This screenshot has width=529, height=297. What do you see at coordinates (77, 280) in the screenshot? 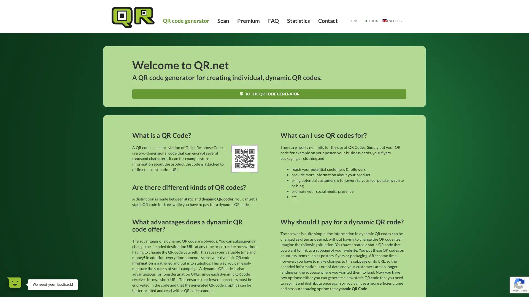
I see `Dismiss Message` at bounding box center [77, 280].